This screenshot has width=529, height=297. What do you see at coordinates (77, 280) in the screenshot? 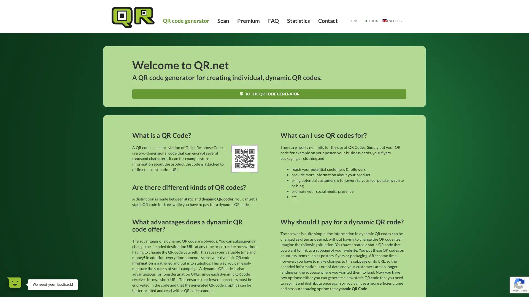
I see `Dismiss Message` at bounding box center [77, 280].